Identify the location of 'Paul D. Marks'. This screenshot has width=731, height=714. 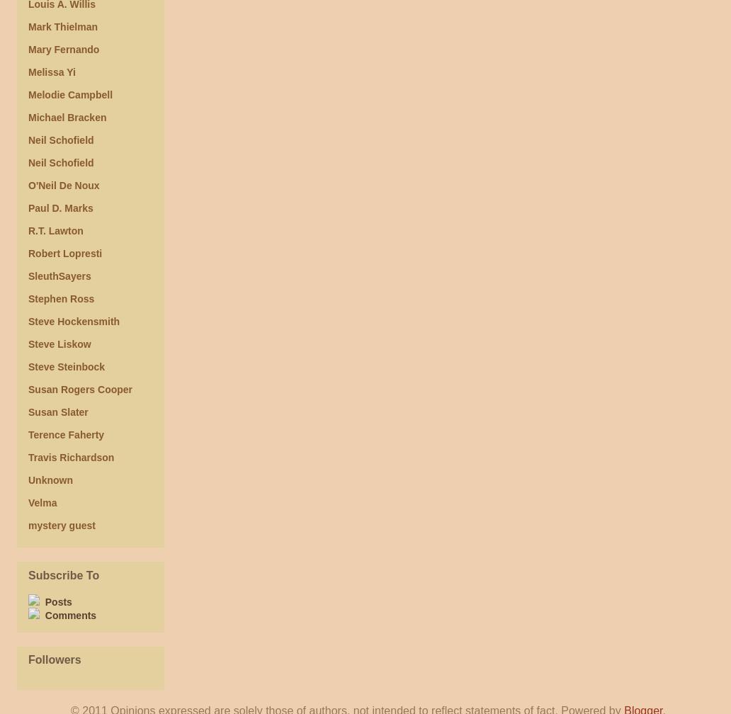
(60, 208).